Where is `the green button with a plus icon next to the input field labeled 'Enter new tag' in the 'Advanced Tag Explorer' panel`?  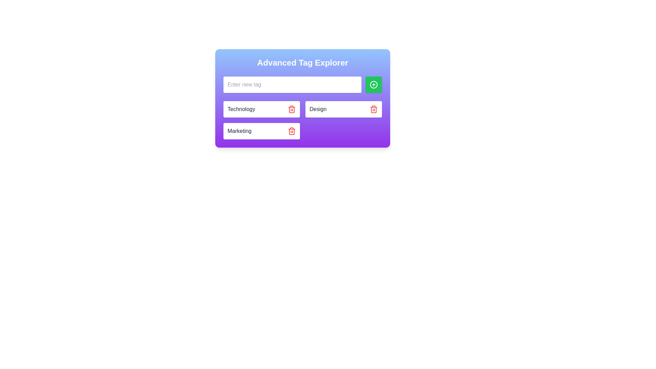
the green button with a plus icon next to the input field labeled 'Enter new tag' in the 'Advanced Tag Explorer' panel is located at coordinates (302, 98).